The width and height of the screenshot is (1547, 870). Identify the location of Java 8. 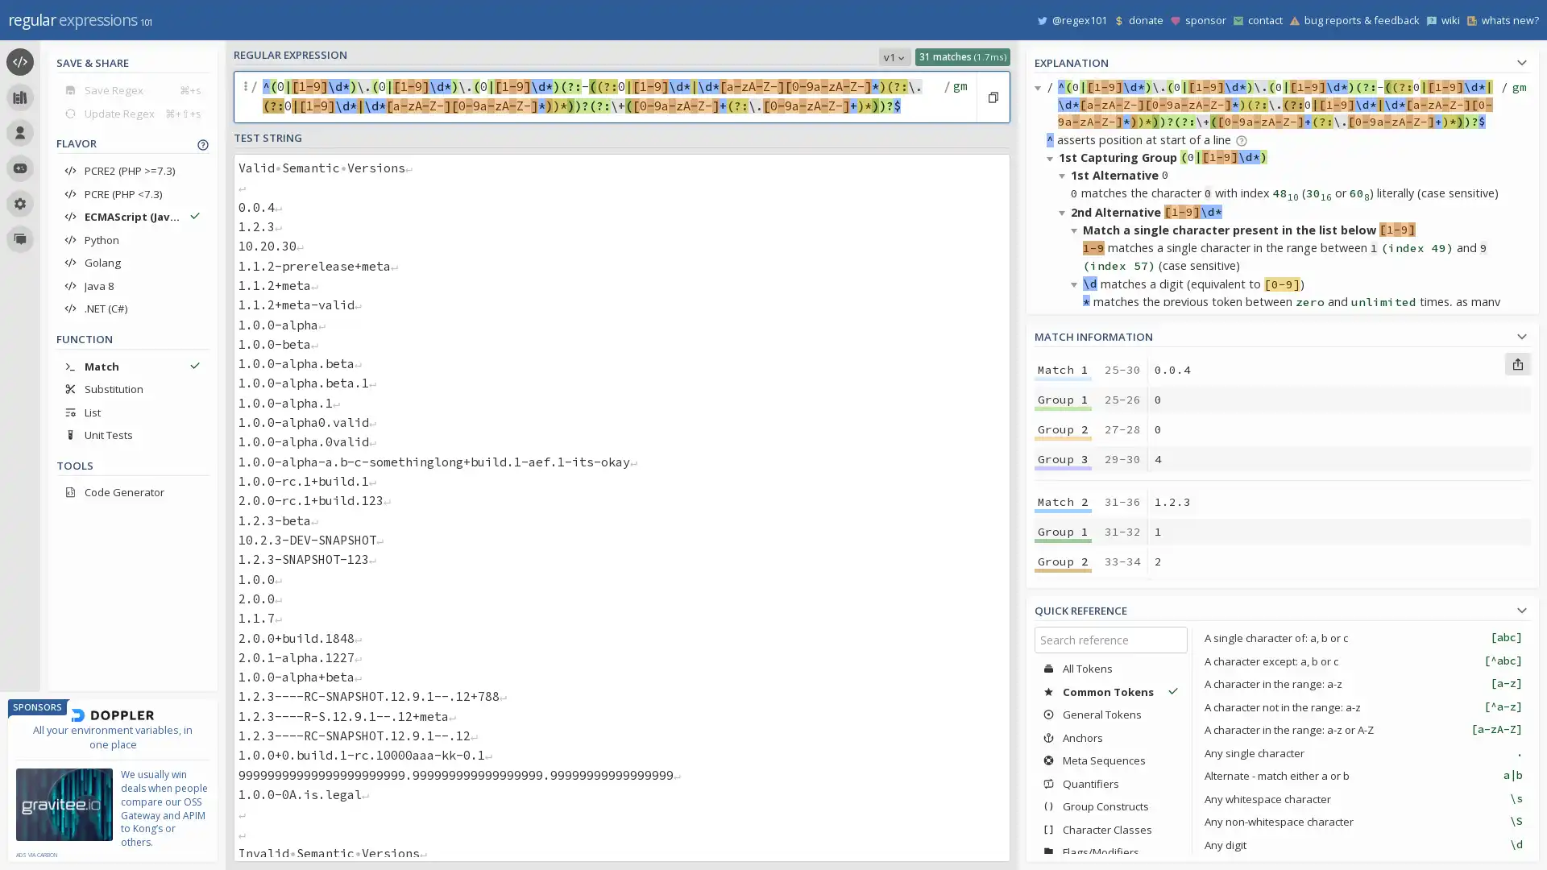
(132, 284).